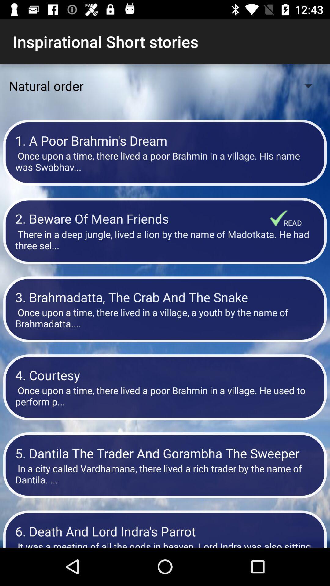  What do you see at coordinates (165, 375) in the screenshot?
I see `the 4. courtesy` at bounding box center [165, 375].